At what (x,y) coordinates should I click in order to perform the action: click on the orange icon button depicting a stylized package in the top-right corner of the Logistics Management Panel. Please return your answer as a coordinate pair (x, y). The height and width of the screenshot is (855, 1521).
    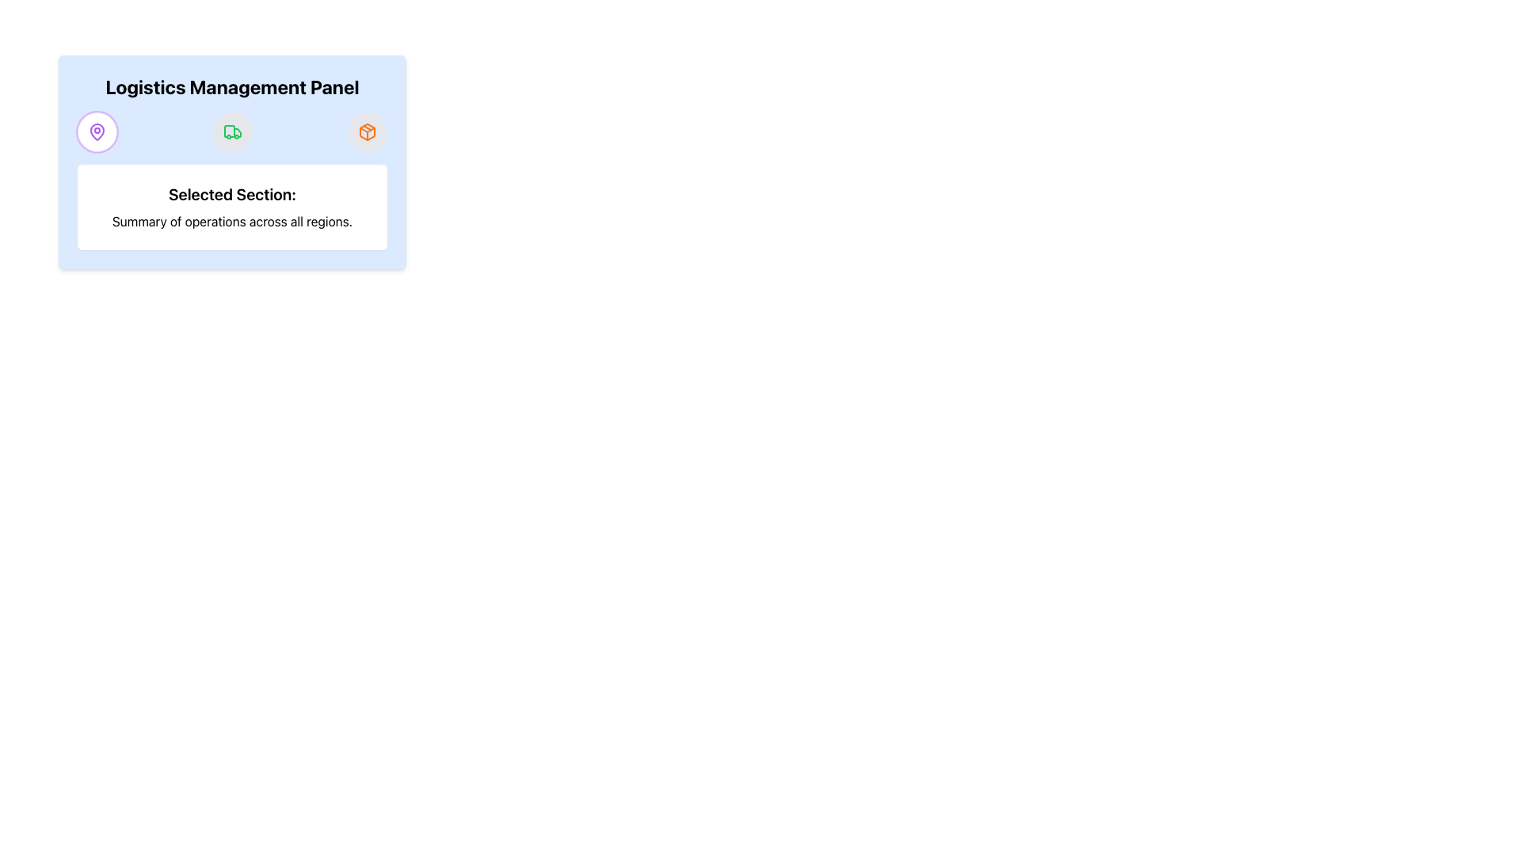
    Looking at the image, I should click on (367, 131).